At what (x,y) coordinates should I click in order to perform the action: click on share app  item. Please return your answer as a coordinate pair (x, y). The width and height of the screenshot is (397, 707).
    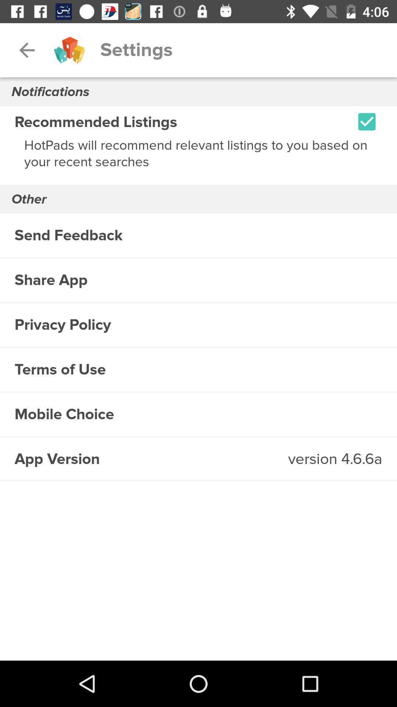
    Looking at the image, I should click on (198, 280).